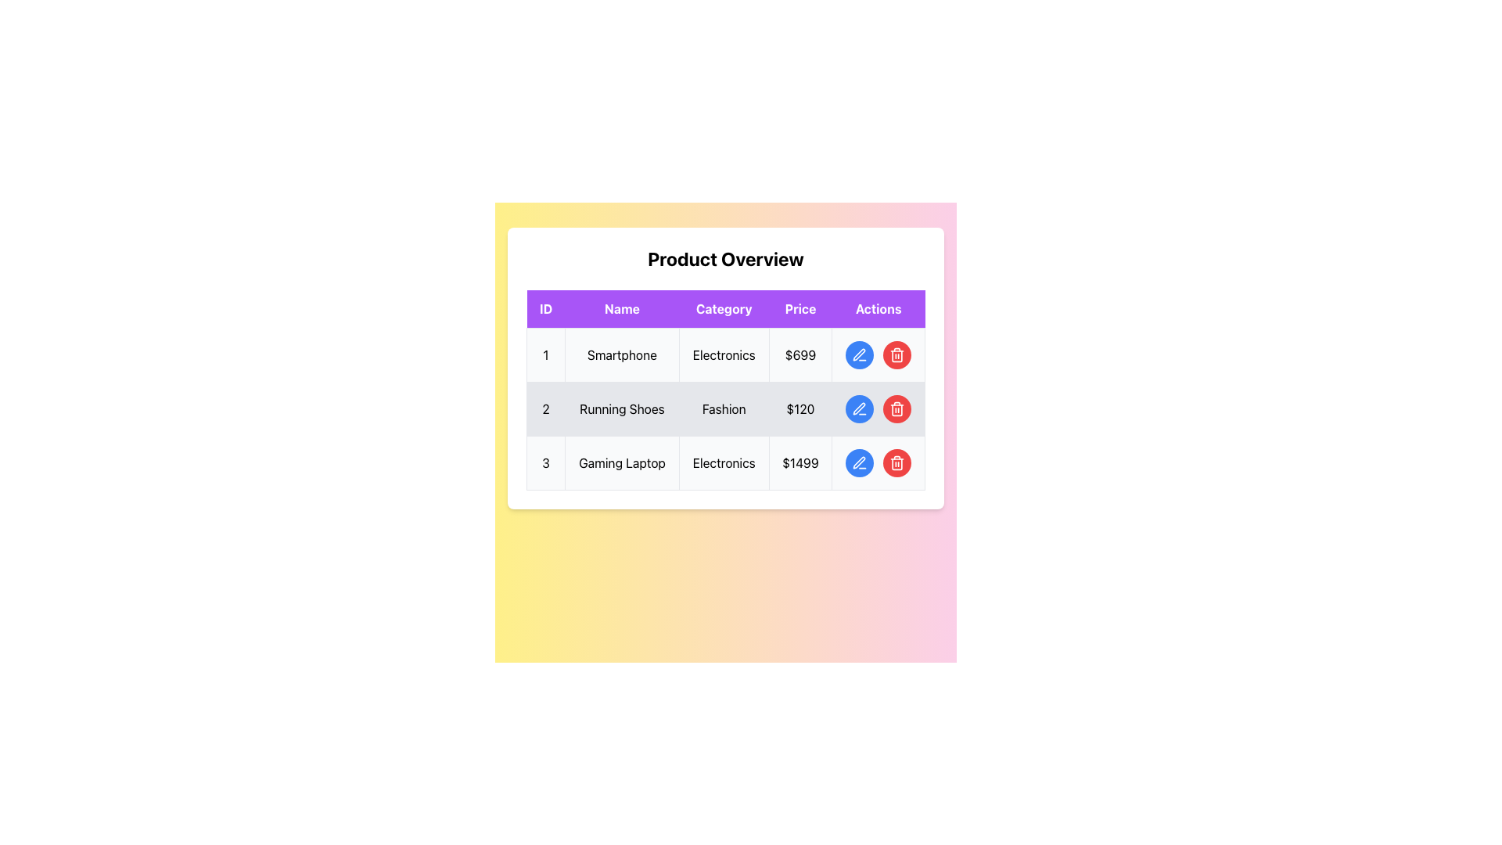 The height and width of the screenshot is (845, 1502). Describe the element at coordinates (723, 355) in the screenshot. I see `the text label in the 'Category' column of the first row, which indicates the item category, alongside 'Smartphone' and '$699'` at that location.